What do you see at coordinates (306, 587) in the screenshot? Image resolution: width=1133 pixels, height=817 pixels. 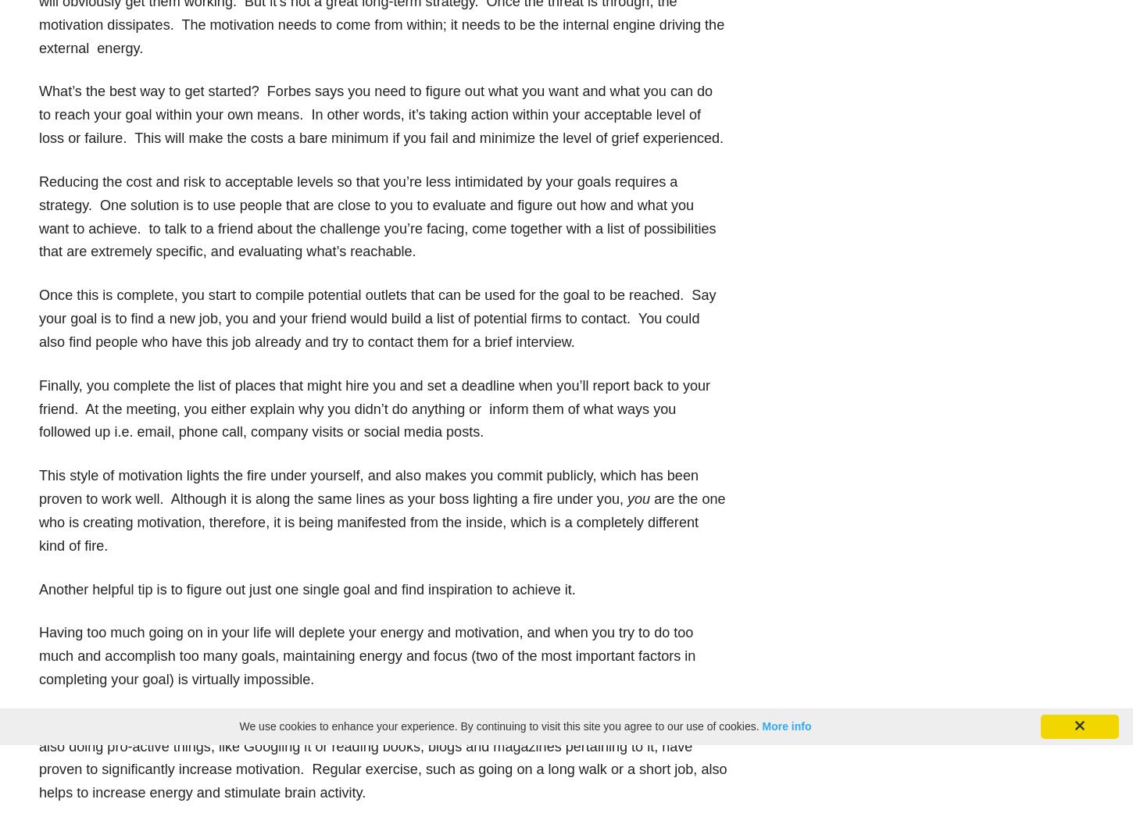 I see `'Another helpful tip is to figure out just one single goal and find inspiration to achieve it.'` at bounding box center [306, 587].